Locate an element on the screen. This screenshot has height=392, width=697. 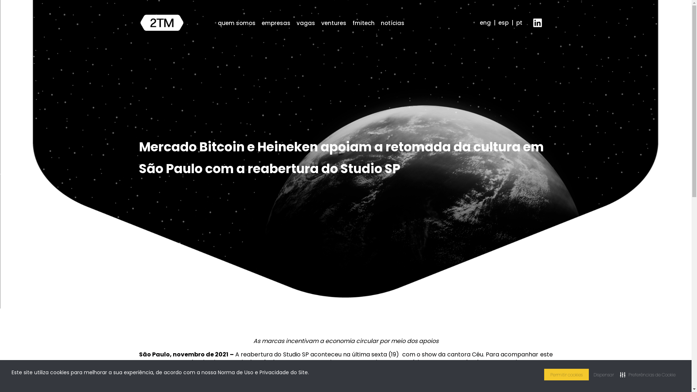
'eng' is located at coordinates (485, 22).